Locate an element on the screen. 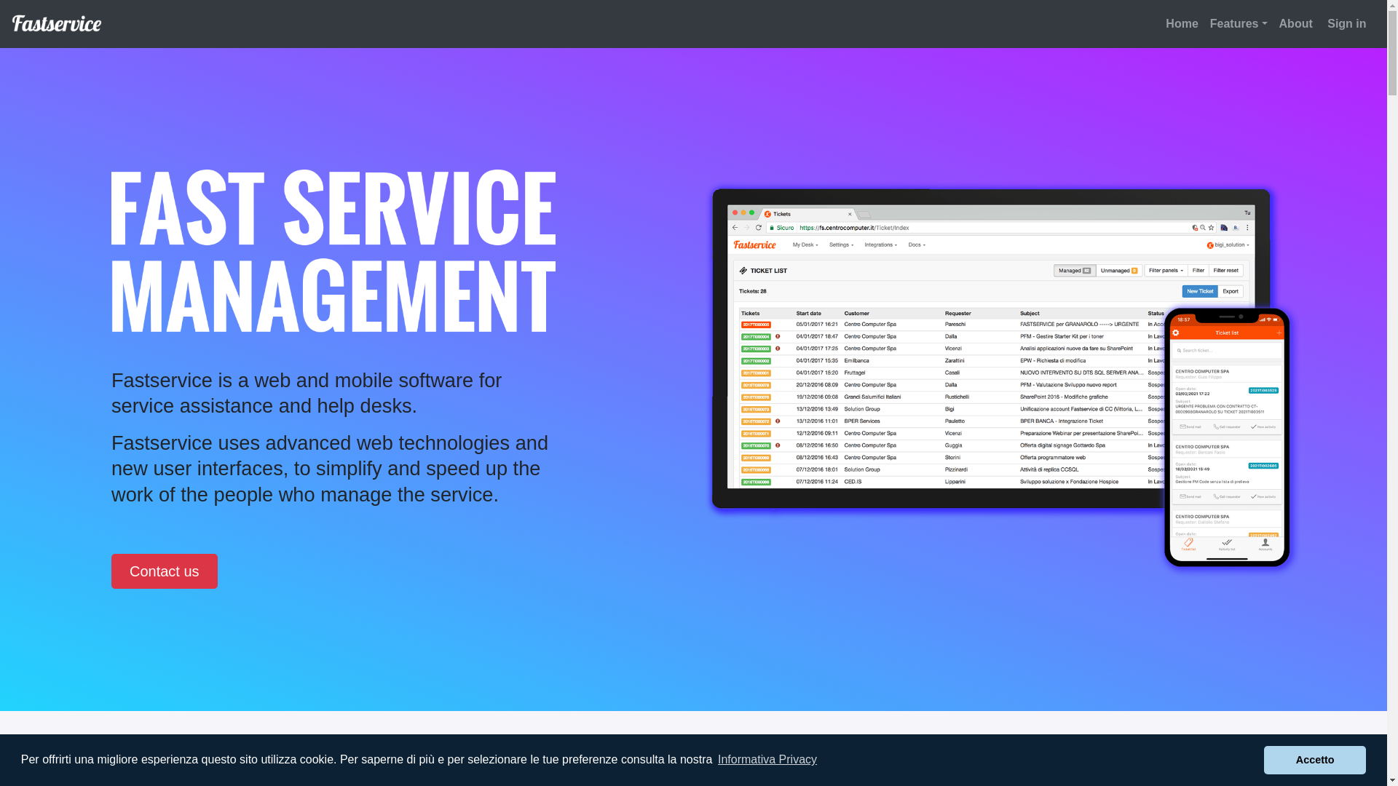 Image resolution: width=1398 pixels, height=786 pixels. 'Home' is located at coordinates (1159, 24).